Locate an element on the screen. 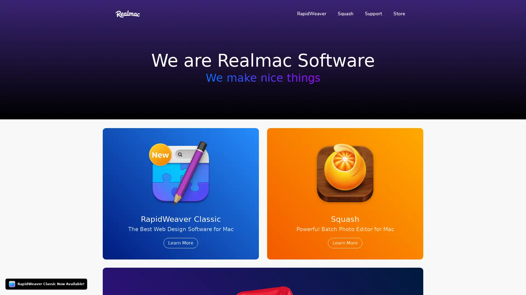 This screenshot has height=295, width=526. Learn More is located at coordinates (345, 243).